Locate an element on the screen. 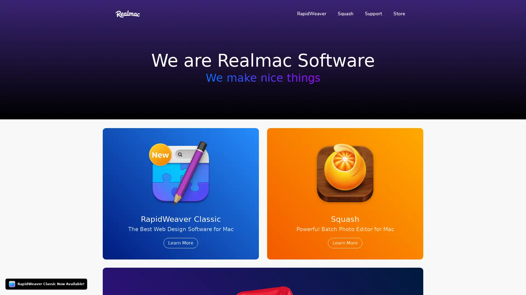 This screenshot has height=295, width=526. Learn More is located at coordinates (345, 243).